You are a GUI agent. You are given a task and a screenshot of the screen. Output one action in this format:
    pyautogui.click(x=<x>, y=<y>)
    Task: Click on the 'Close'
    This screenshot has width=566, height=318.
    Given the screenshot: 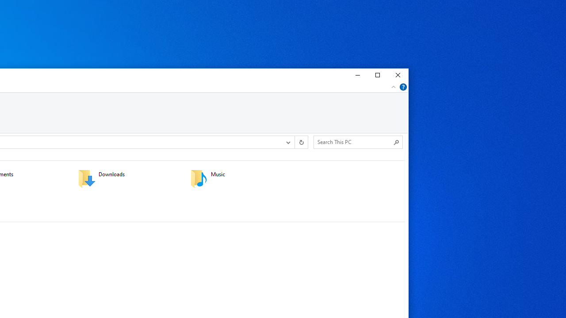 What is the action you would take?
    pyautogui.click(x=398, y=75)
    